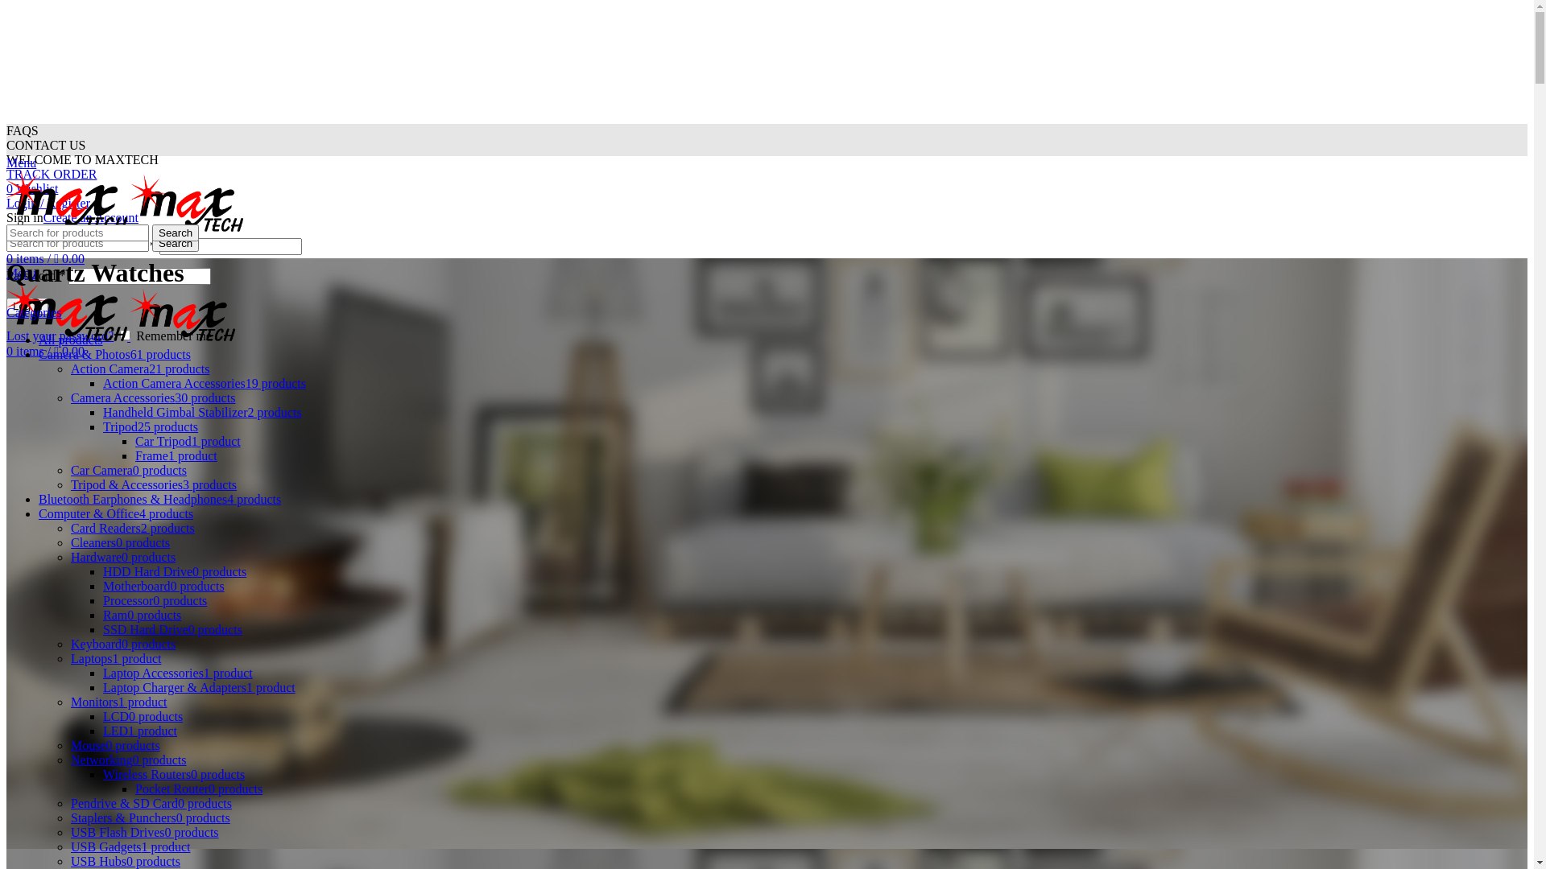 The width and height of the screenshot is (1546, 869). I want to click on 'Action Camera21 products', so click(69, 369).